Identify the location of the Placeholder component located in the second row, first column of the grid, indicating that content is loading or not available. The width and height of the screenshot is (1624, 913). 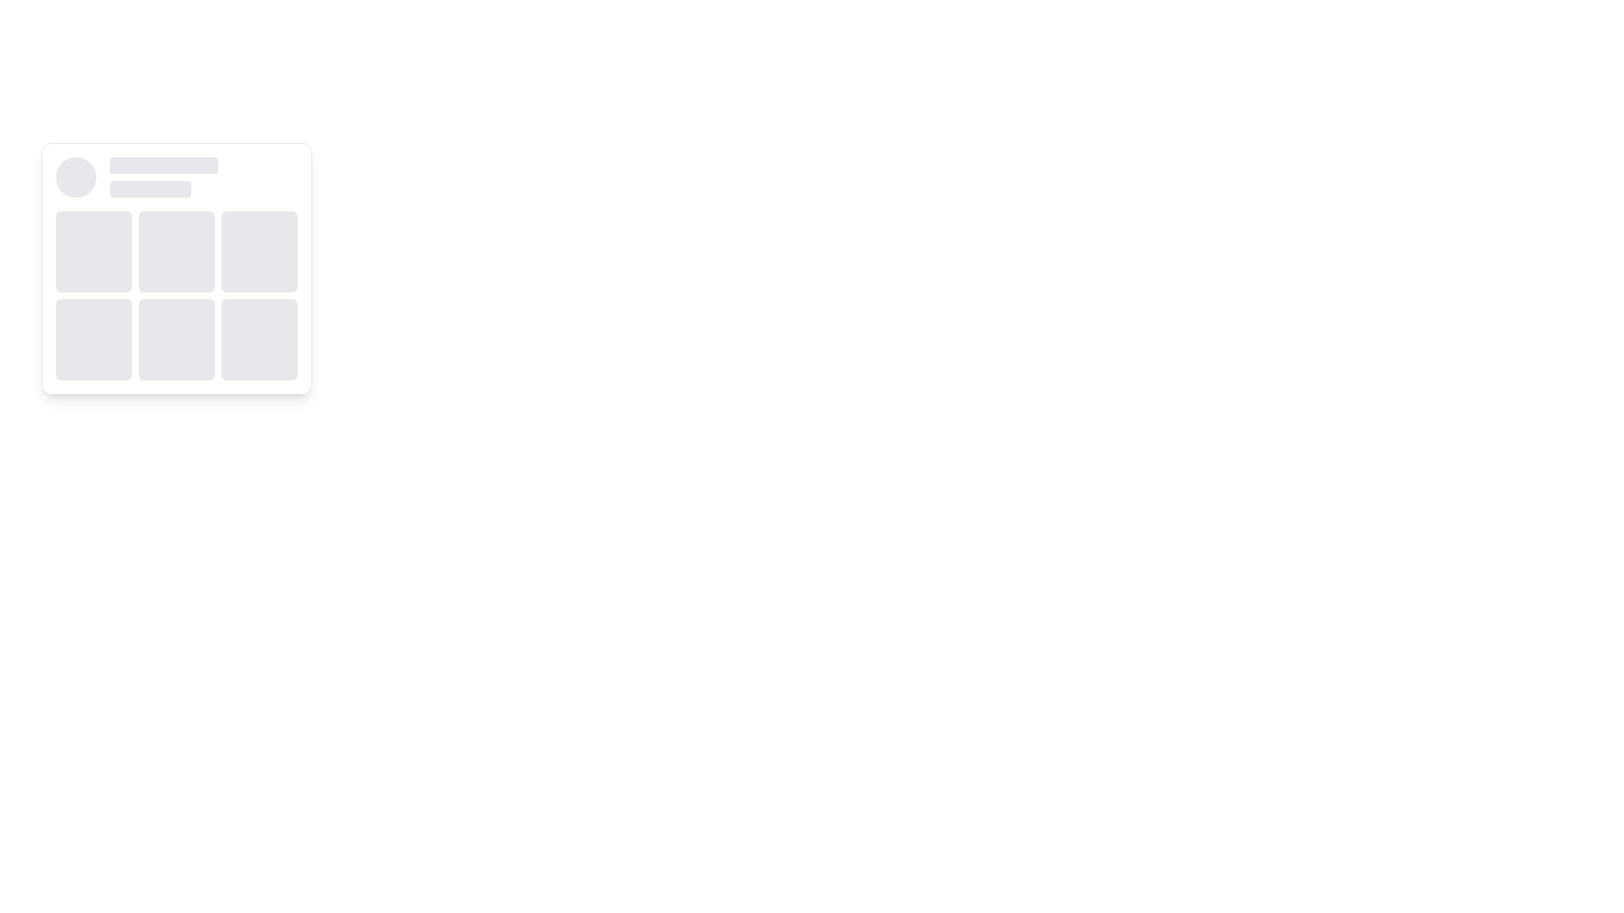
(92, 339).